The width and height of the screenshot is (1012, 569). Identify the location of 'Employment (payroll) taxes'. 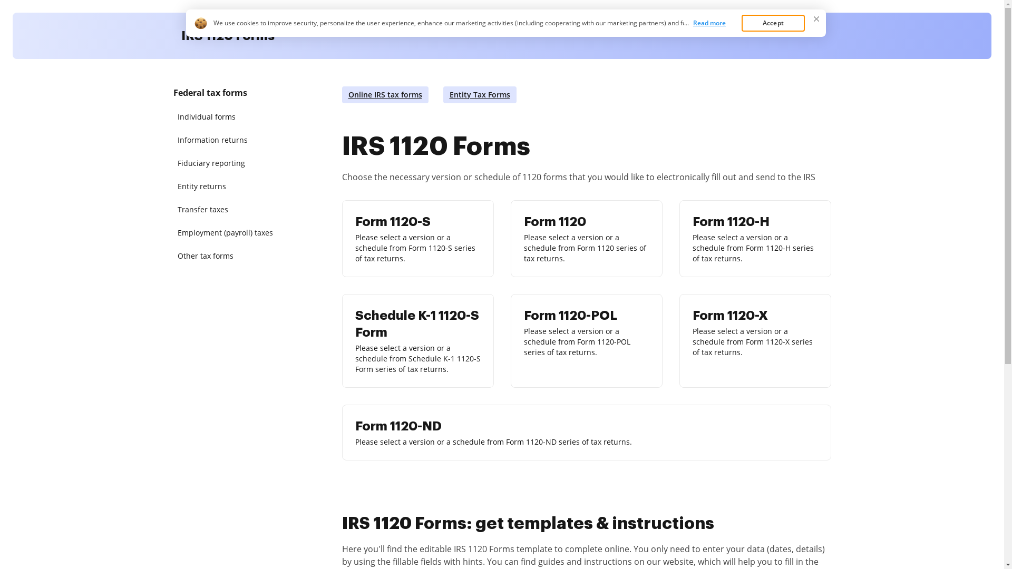
(227, 232).